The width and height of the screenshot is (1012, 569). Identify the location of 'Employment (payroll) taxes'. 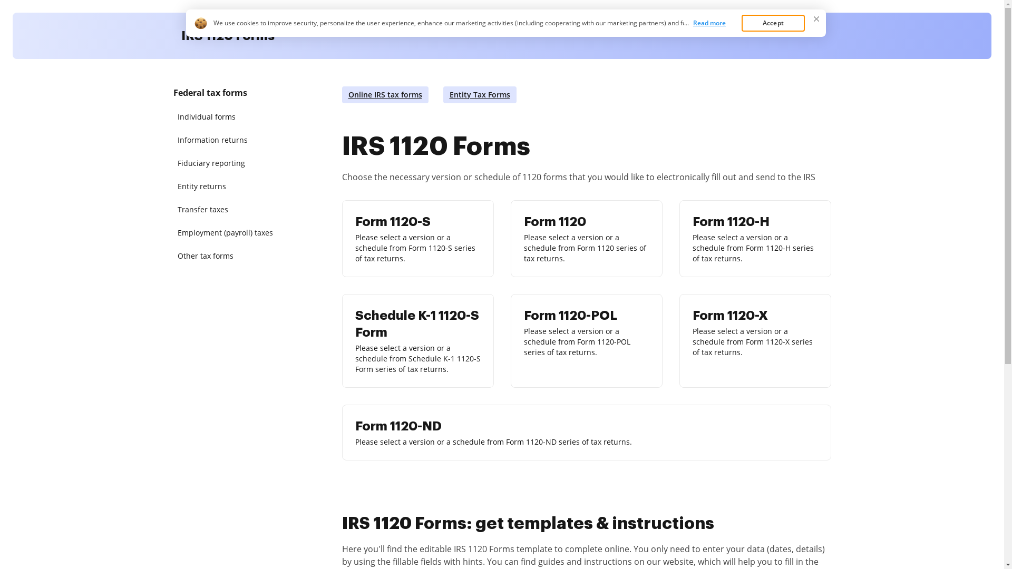
(227, 232).